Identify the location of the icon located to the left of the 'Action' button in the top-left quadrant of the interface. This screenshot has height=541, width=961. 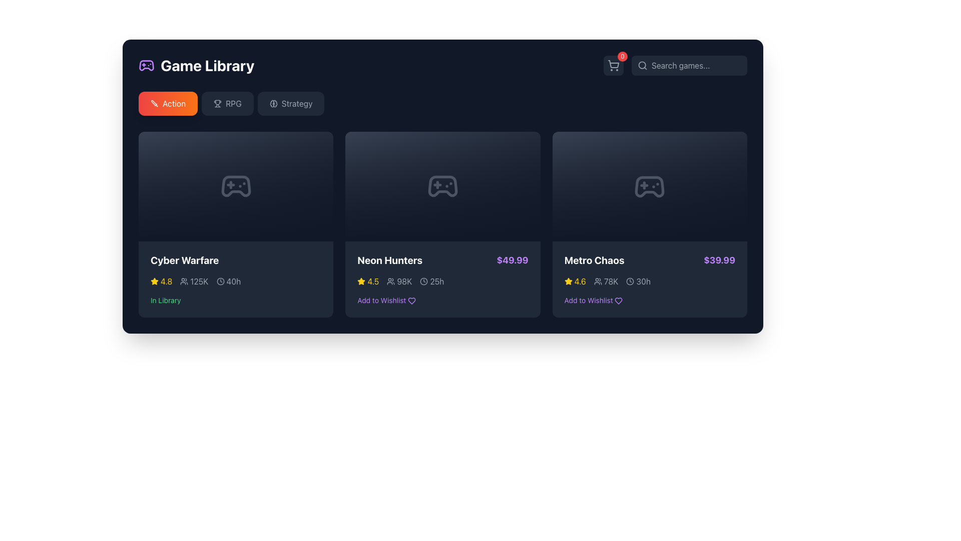
(154, 104).